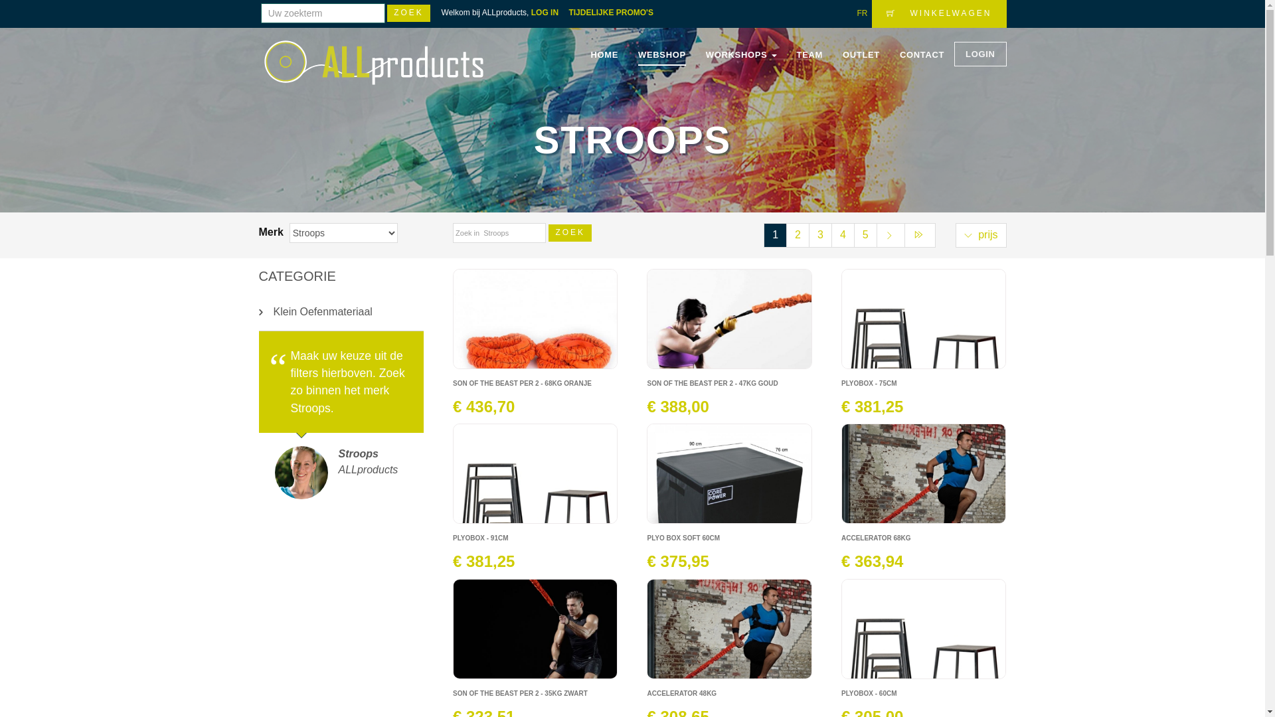 The height and width of the screenshot is (717, 1275). Describe the element at coordinates (662, 54) in the screenshot. I see `'WEBSHOP'` at that location.